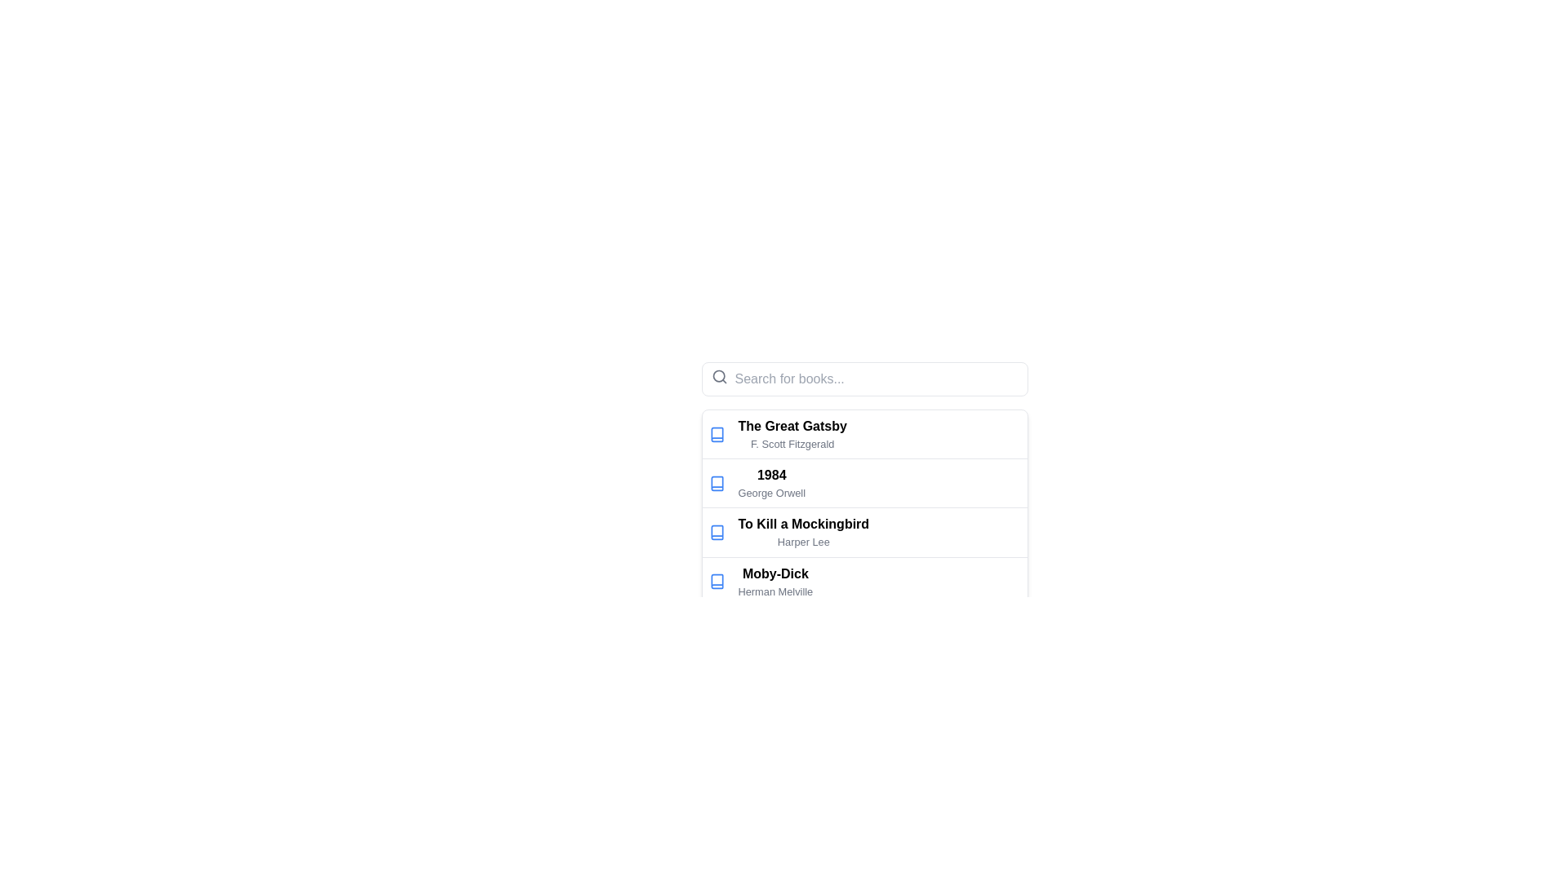  Describe the element at coordinates (717, 581) in the screenshot. I see `the open book icon, which is styled in blue and positioned to the left of the 'Moby-Dick' list item by 'Herman Melville'` at that location.